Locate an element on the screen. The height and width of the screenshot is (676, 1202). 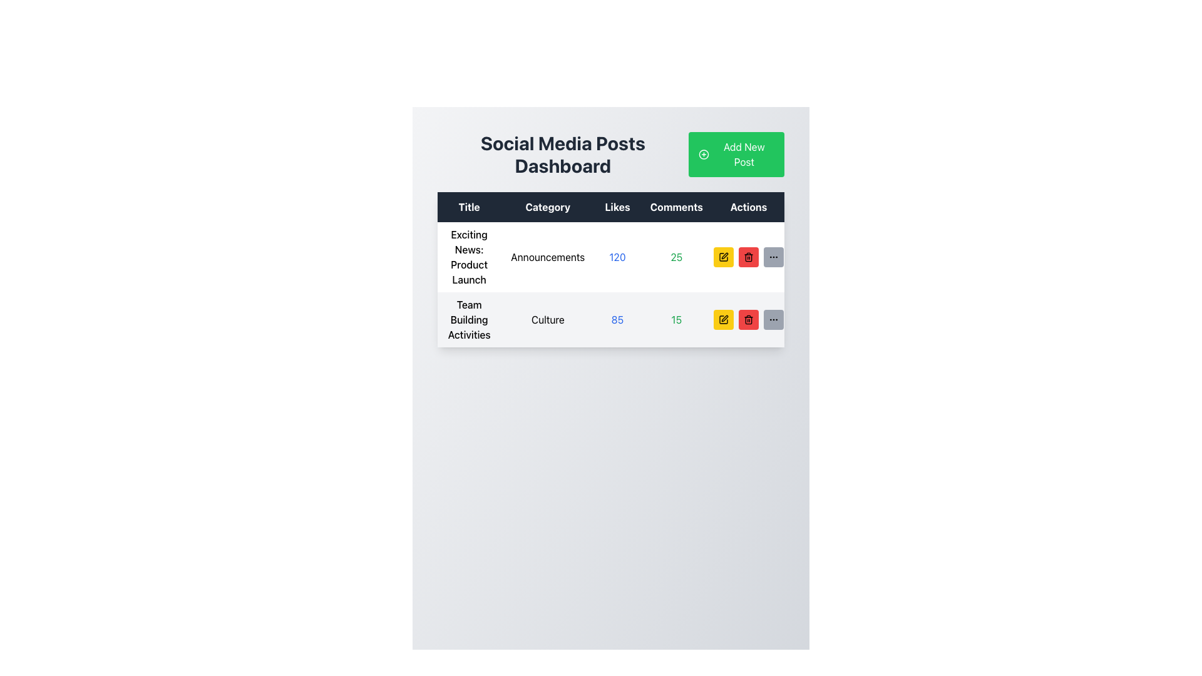
the 'Category' column header in the table, which is the second column header located between 'Title' and 'Likes' is located at coordinates (548, 207).